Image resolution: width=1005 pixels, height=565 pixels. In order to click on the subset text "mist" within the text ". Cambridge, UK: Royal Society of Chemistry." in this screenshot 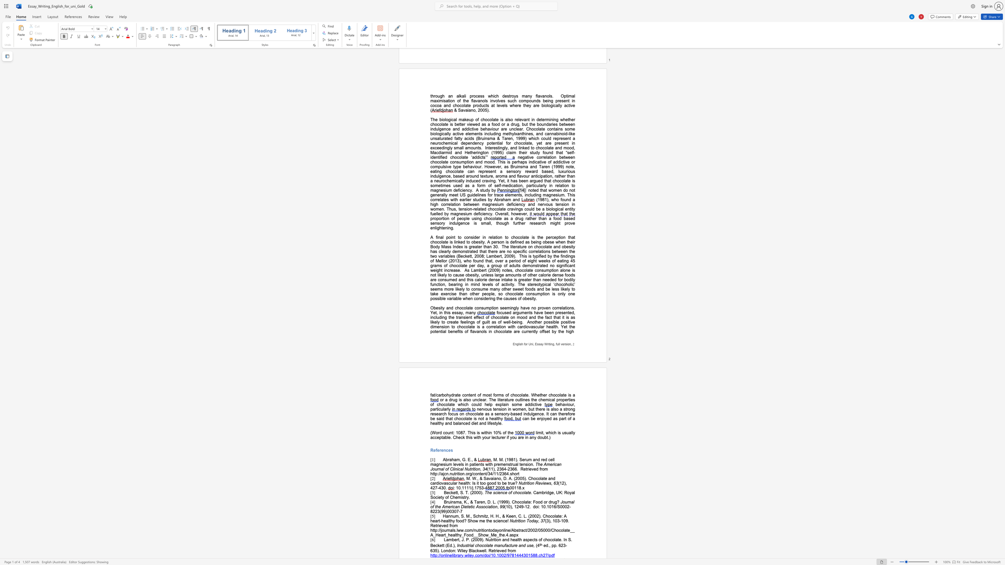, I will do `click(457, 497)`.